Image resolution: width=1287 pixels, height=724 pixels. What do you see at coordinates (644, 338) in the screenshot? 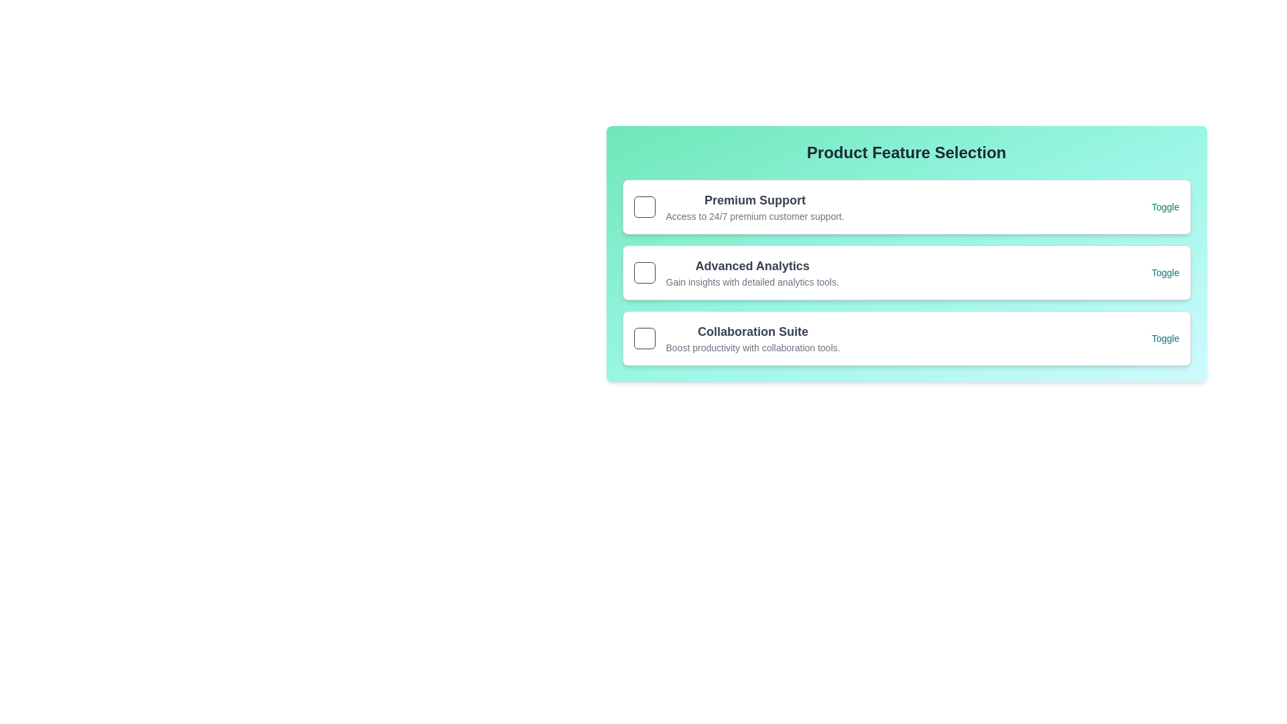
I see `the checkbox for 'Collaboration Suite'` at bounding box center [644, 338].